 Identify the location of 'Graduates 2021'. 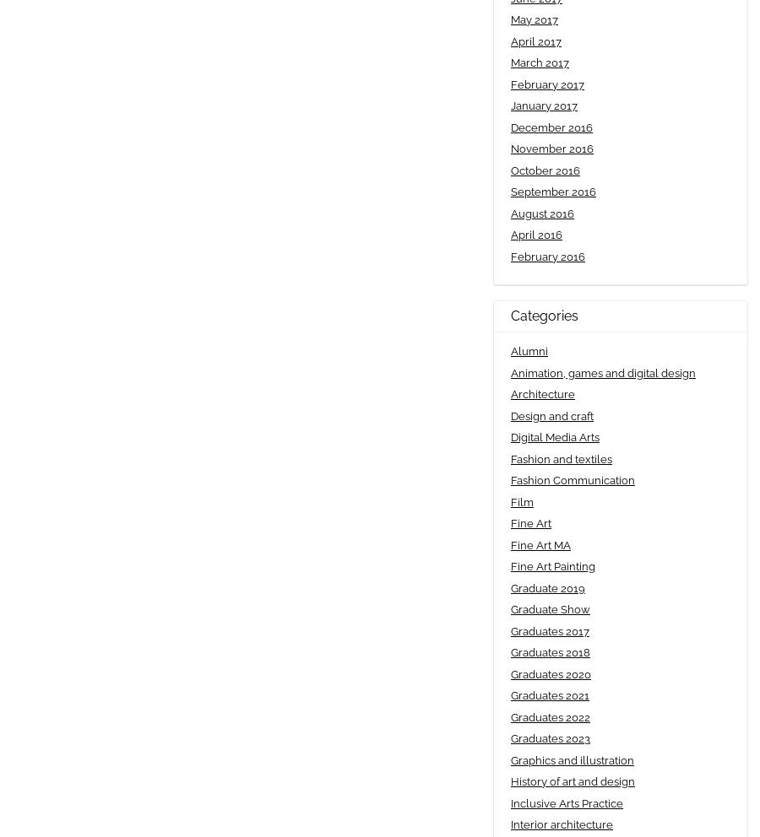
(550, 695).